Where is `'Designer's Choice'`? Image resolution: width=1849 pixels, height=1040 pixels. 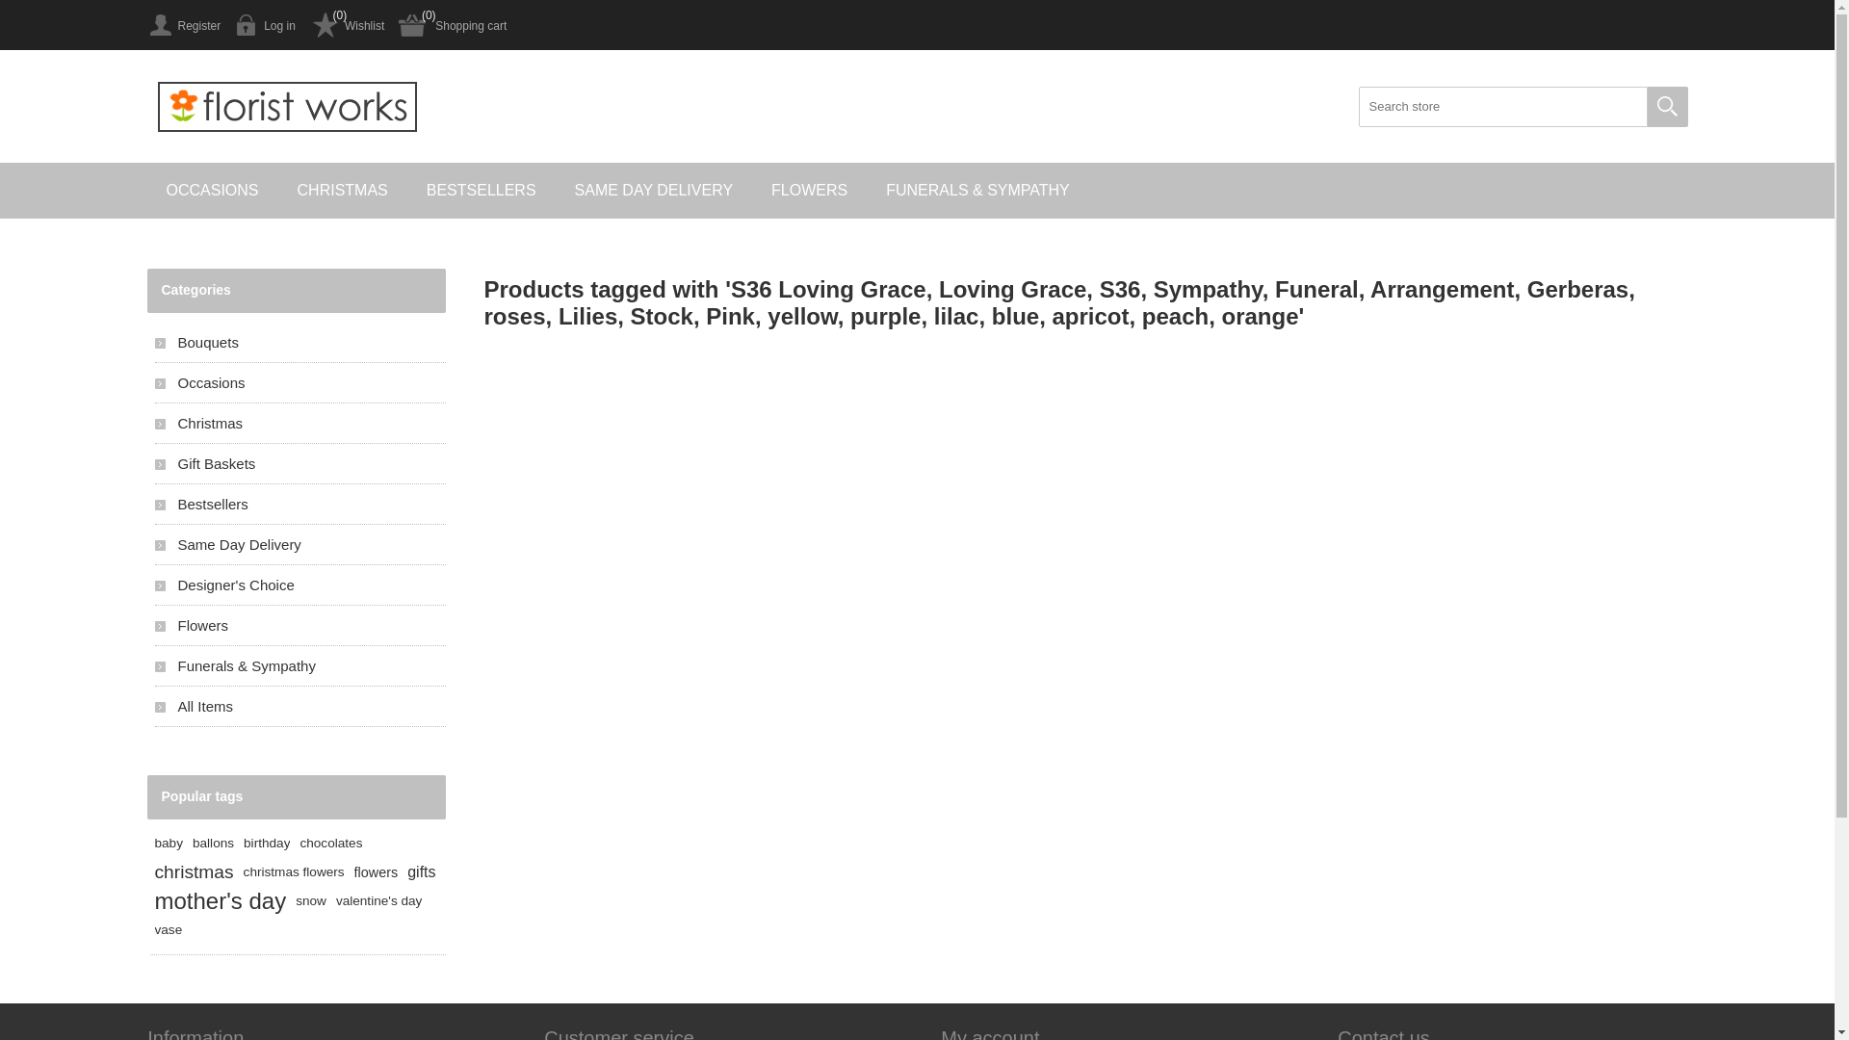 'Designer's Choice' is located at coordinates (299, 584).